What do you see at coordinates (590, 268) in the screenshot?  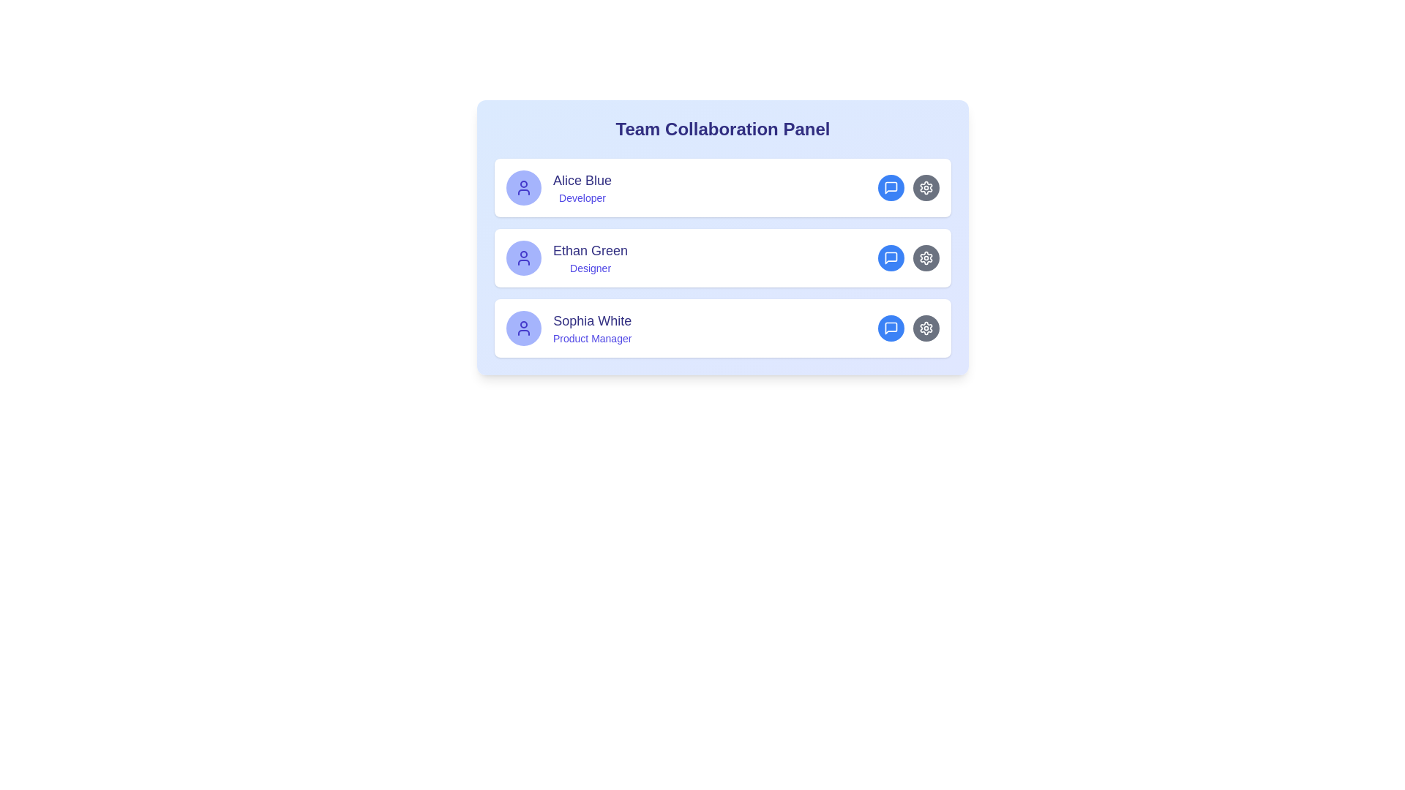 I see `the text label that describes the job title of team member 'Ethan Green', located directly beneath his name in the structured layout` at bounding box center [590, 268].